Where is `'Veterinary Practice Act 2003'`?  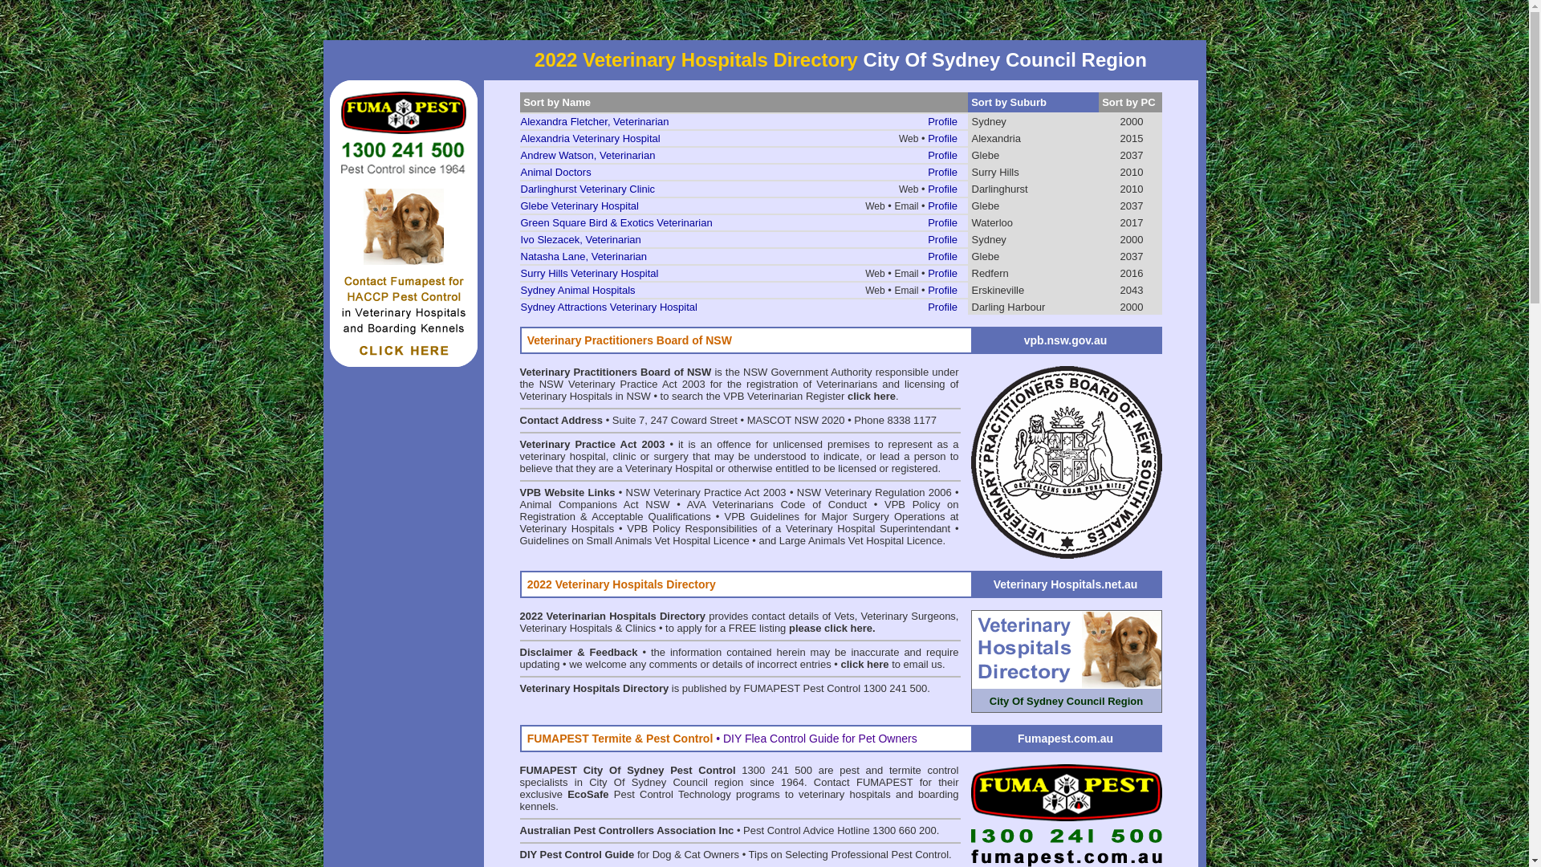
'Veterinary Practice Act 2003' is located at coordinates (592, 444).